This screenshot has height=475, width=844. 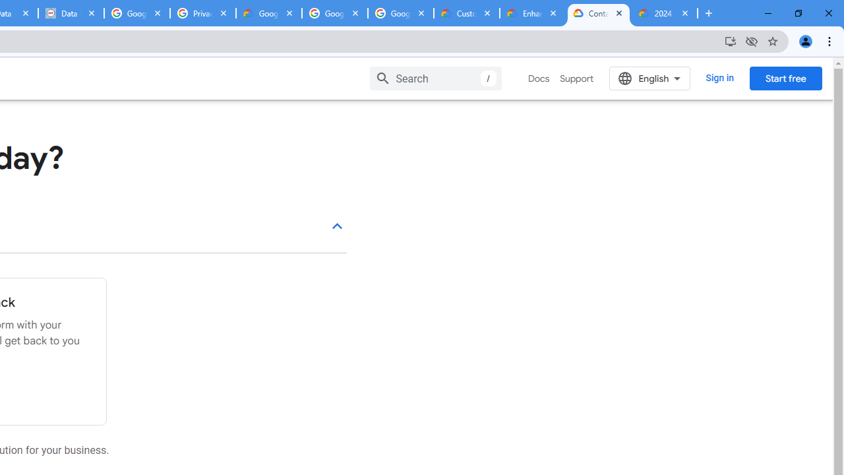 I want to click on 'English', so click(x=649, y=78).